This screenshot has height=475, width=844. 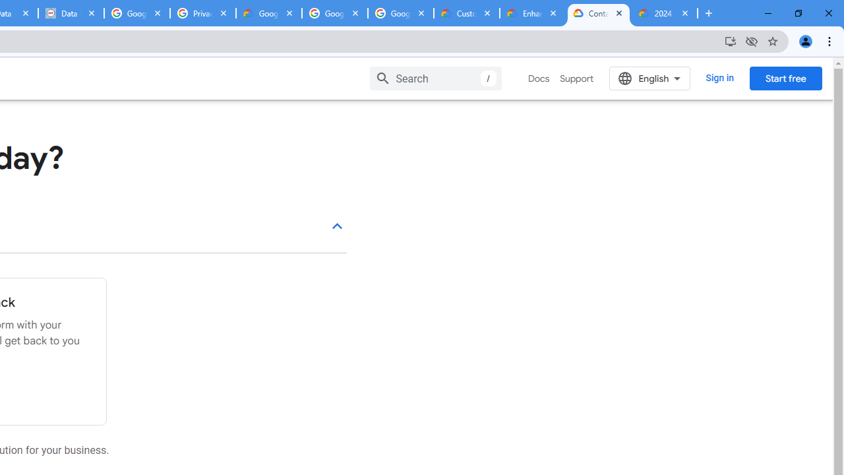 I want to click on 'English', so click(x=649, y=78).